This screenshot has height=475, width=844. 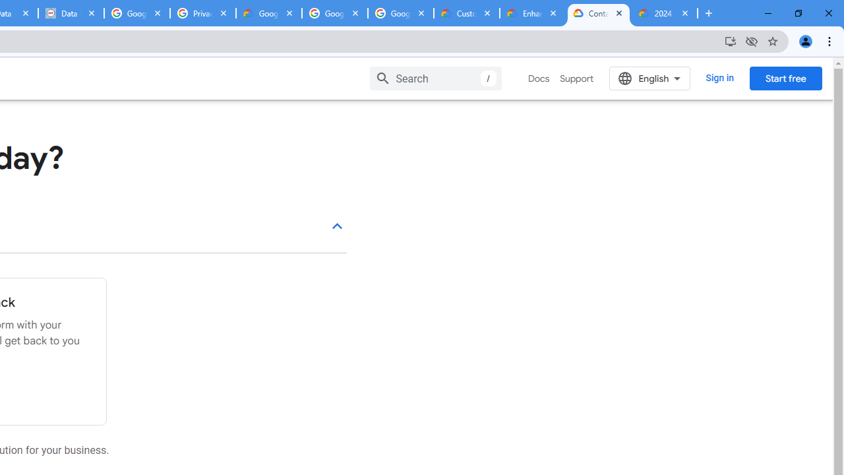 I want to click on 'English', so click(x=649, y=78).